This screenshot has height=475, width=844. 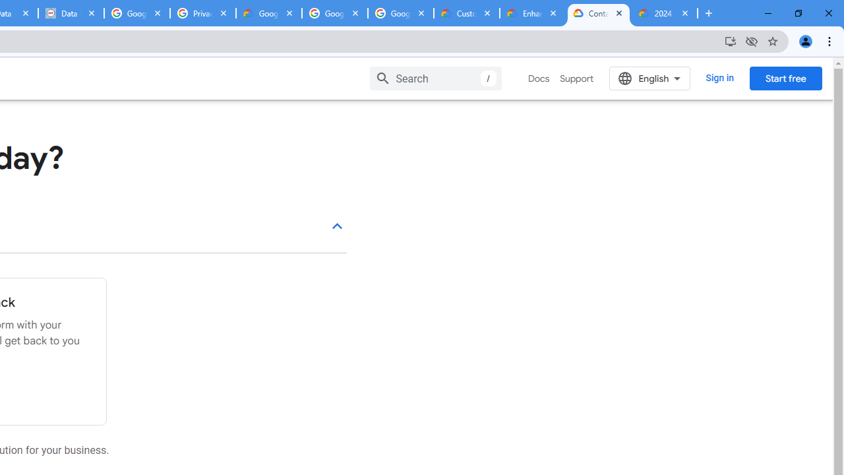 I want to click on 'English', so click(x=649, y=78).